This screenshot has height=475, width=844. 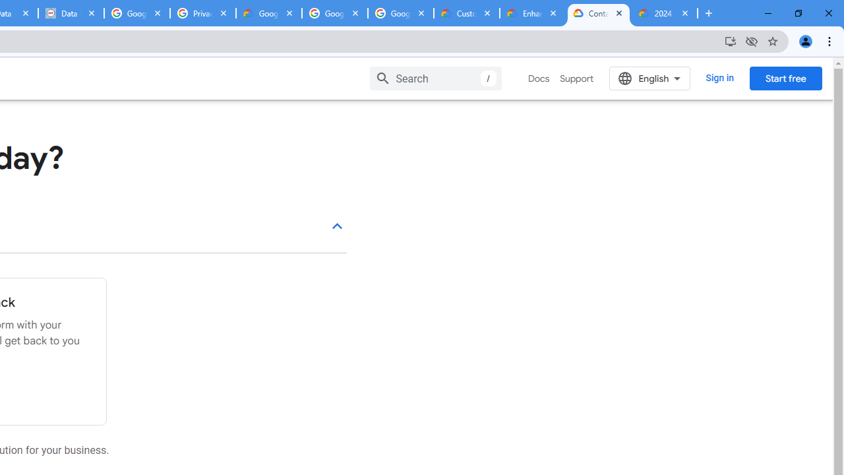 I want to click on 'English', so click(x=649, y=78).